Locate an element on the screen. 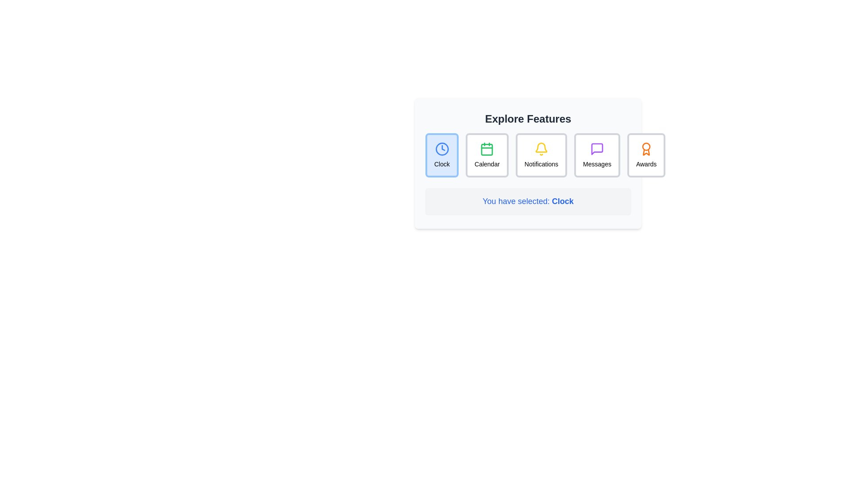 The height and width of the screenshot is (478, 850). the green outlined calendar icon, which is the second item in the row of selectable feature options is located at coordinates (487, 148).